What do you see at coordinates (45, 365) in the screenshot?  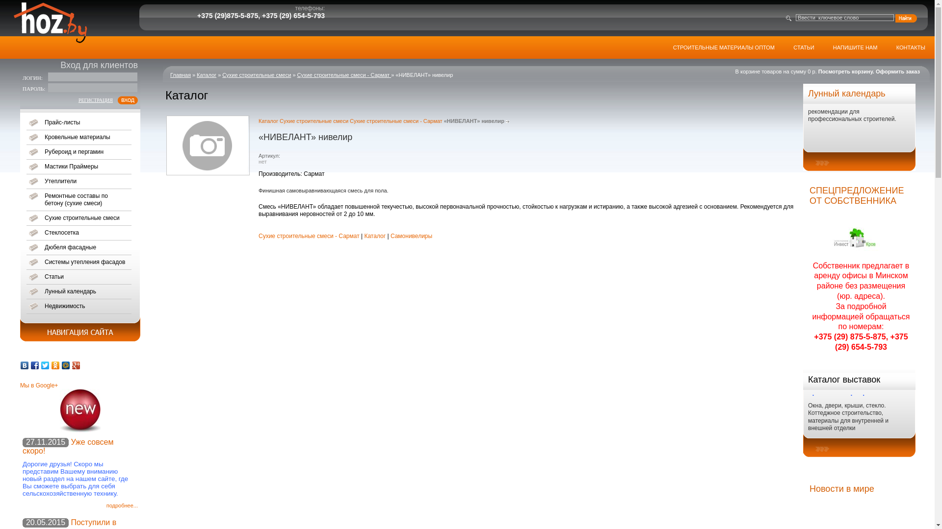 I see `'Twitter'` at bounding box center [45, 365].